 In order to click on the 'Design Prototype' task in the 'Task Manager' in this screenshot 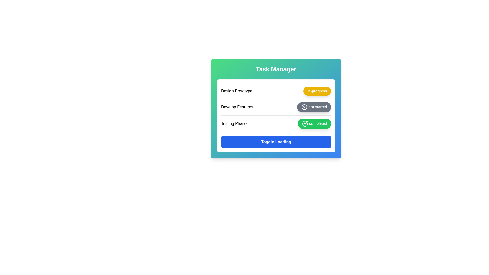, I will do `click(276, 91)`.